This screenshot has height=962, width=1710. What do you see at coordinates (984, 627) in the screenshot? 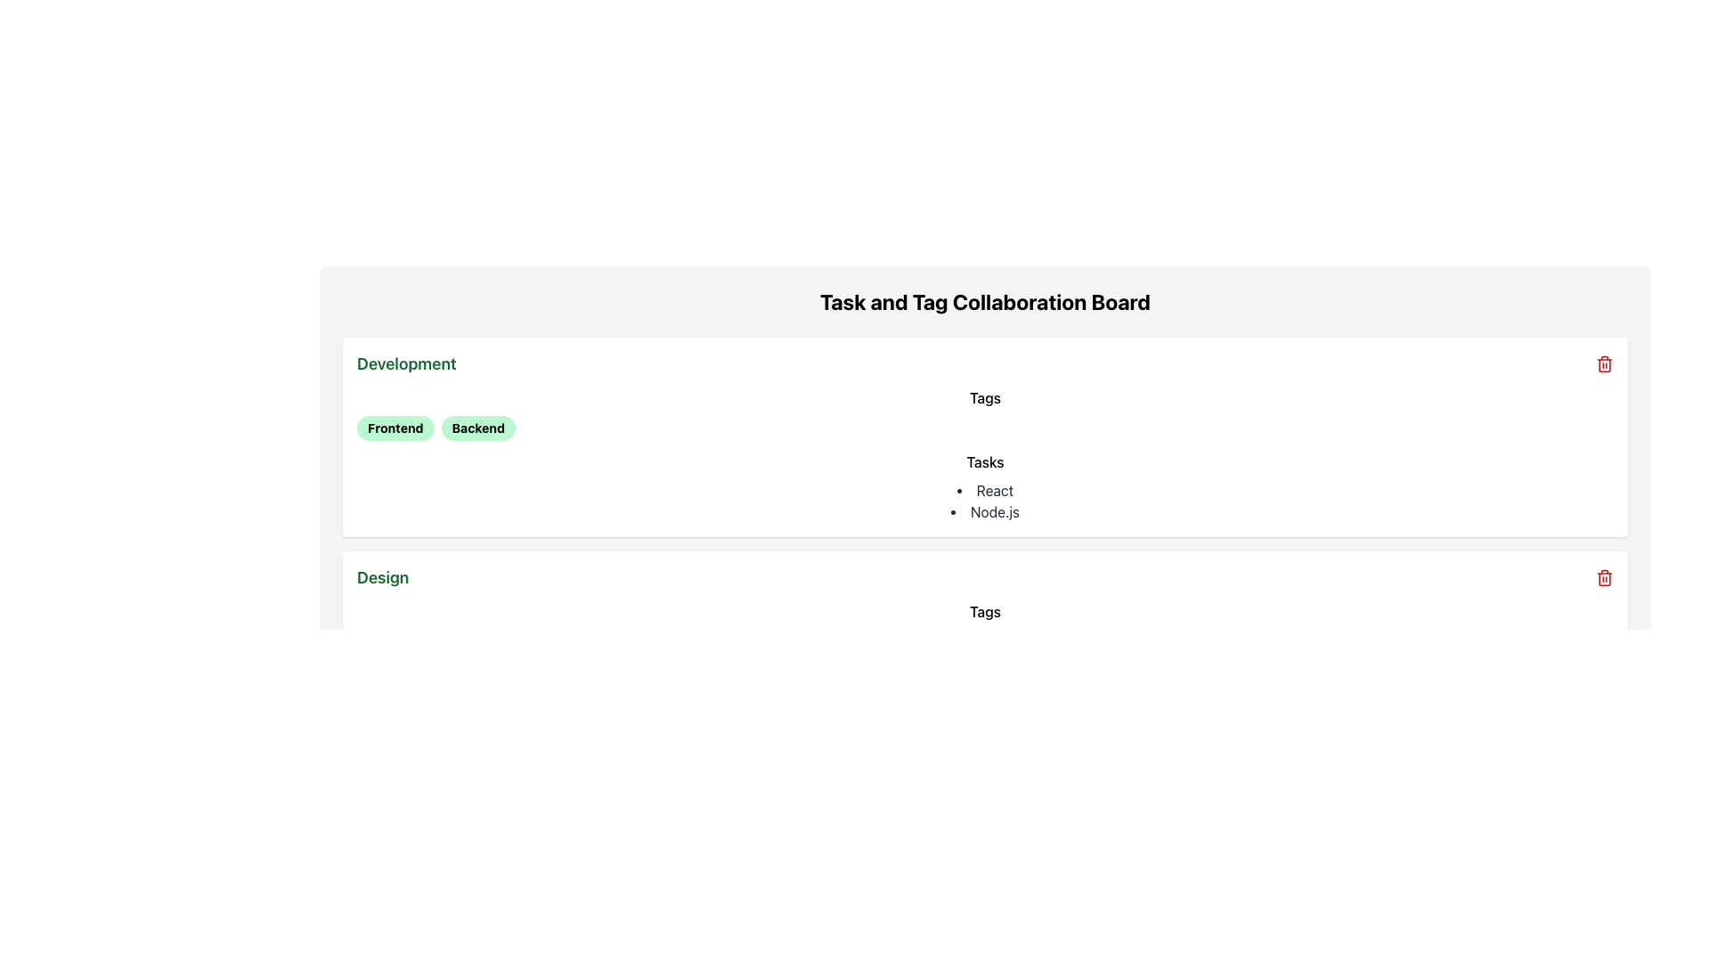
I see `the Text Label indicating its association with the tagging feature, located in the 'Design' section under the 'Tags' heading` at bounding box center [984, 627].